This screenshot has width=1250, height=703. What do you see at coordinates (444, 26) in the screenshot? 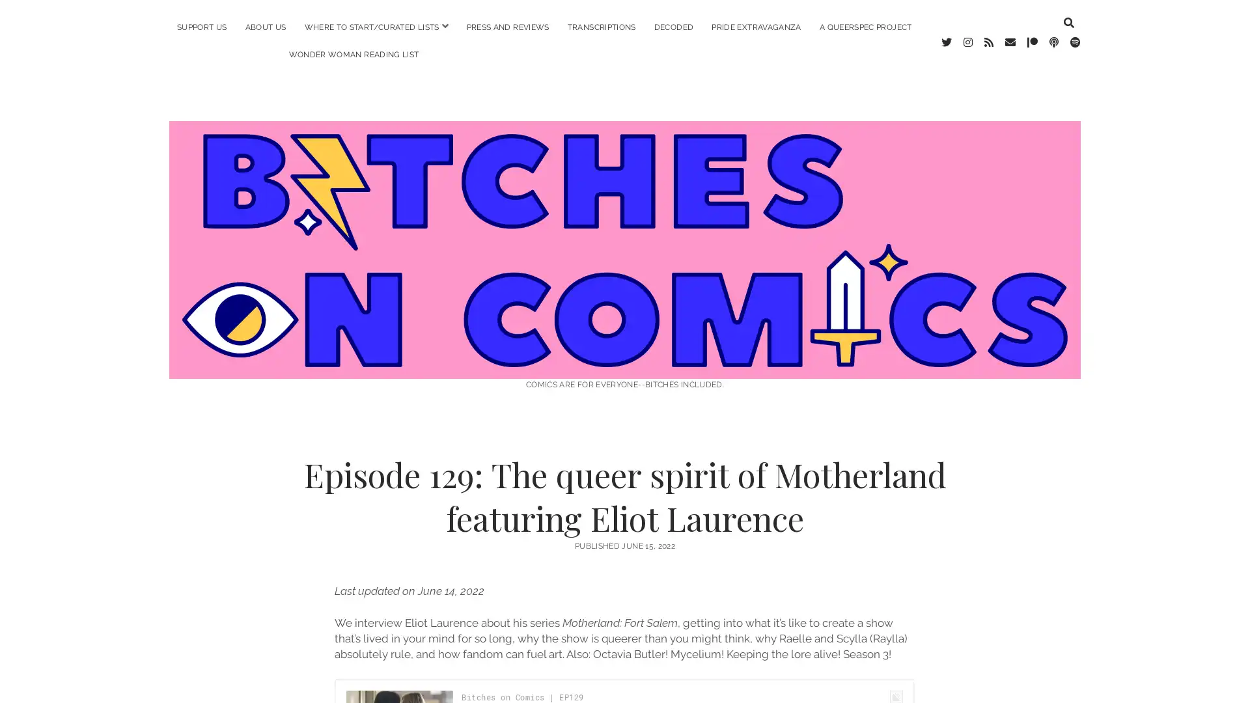
I see `open menu` at bounding box center [444, 26].